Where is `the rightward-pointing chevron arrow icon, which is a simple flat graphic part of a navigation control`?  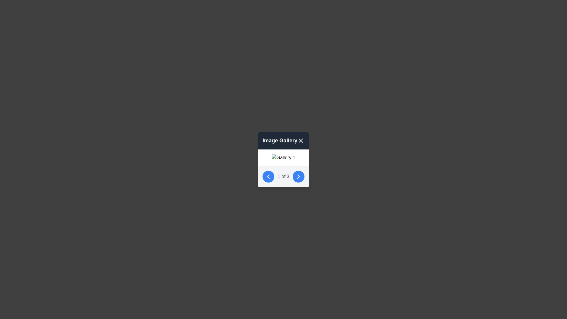
the rightward-pointing chevron arrow icon, which is a simple flat graphic part of a navigation control is located at coordinates (299, 176).